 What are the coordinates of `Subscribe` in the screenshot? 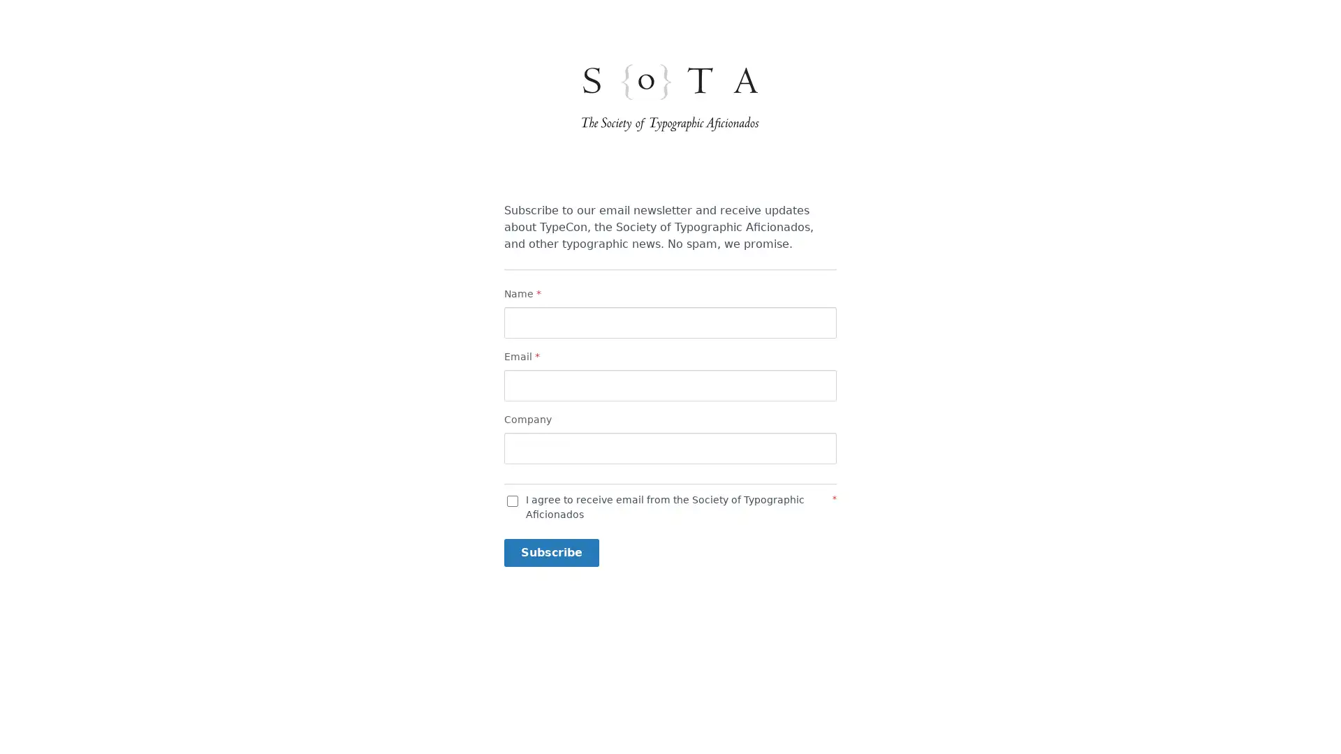 It's located at (551, 552).